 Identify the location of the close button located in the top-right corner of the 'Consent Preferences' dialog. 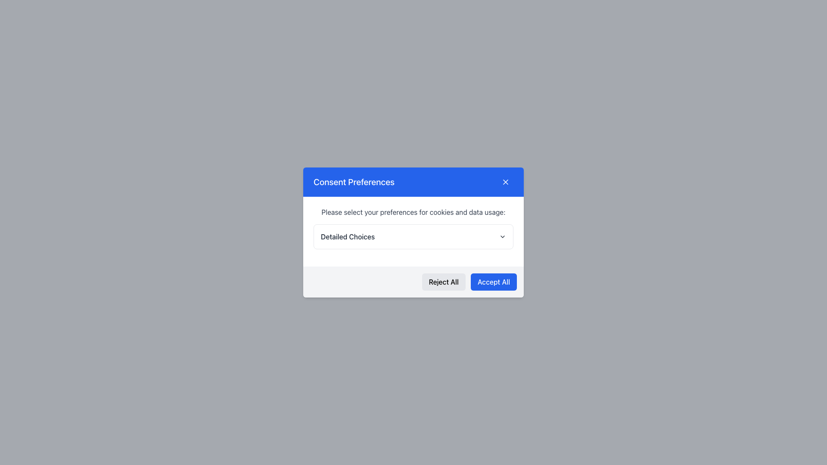
(506, 182).